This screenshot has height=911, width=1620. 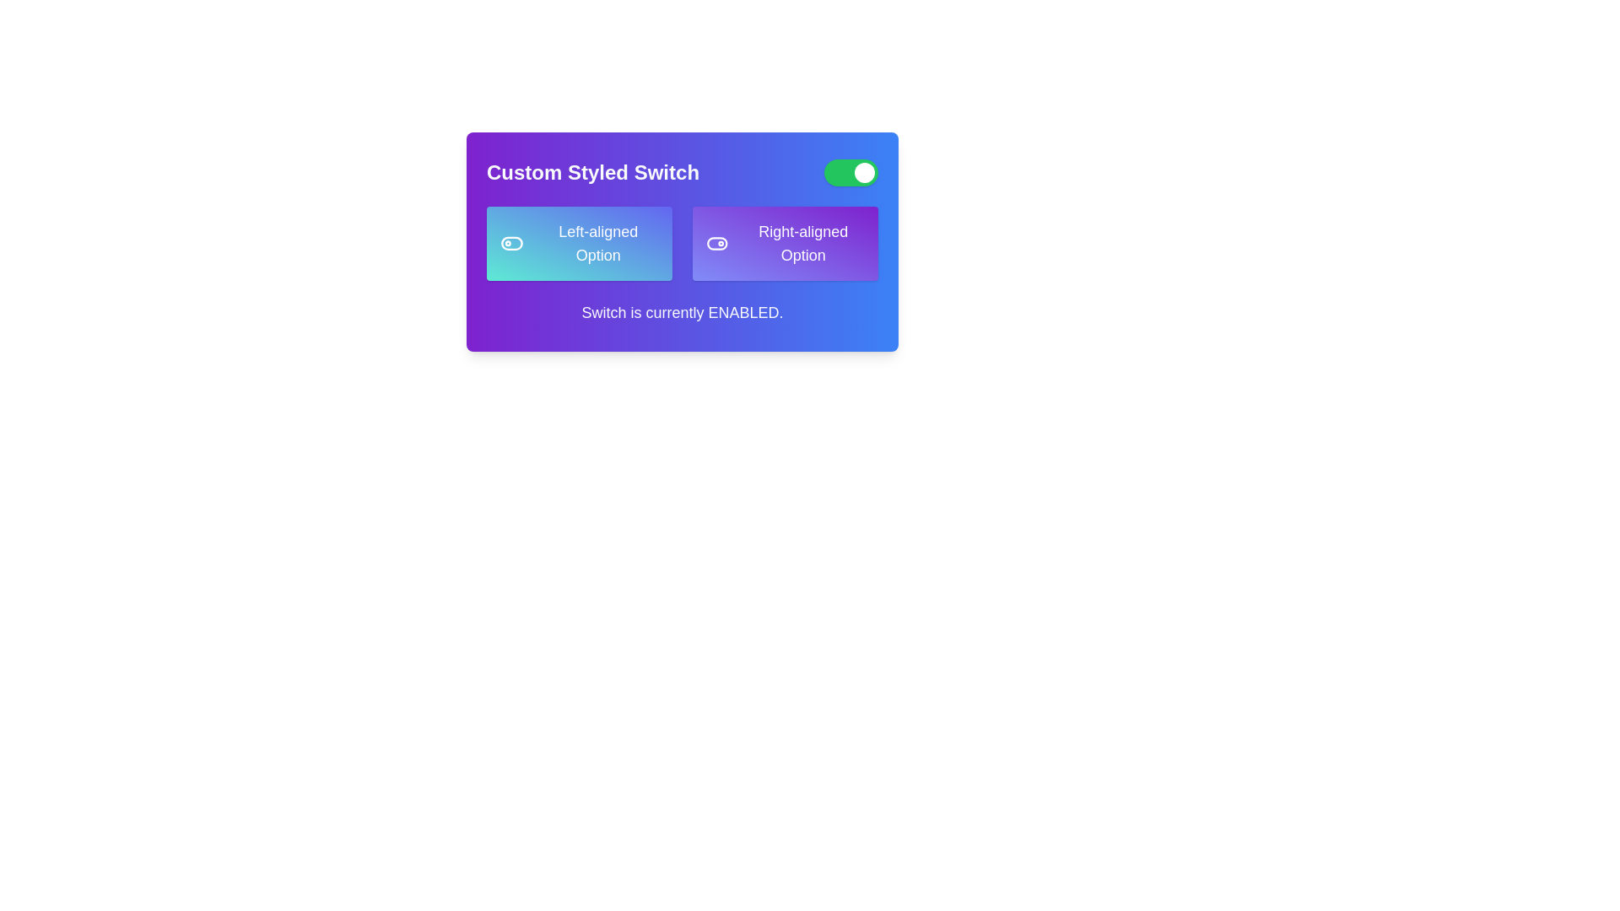 I want to click on the left-aligned label for the toggle switch selector, which is positioned leftmost adjacent to the toggle left icon, so click(x=598, y=244).